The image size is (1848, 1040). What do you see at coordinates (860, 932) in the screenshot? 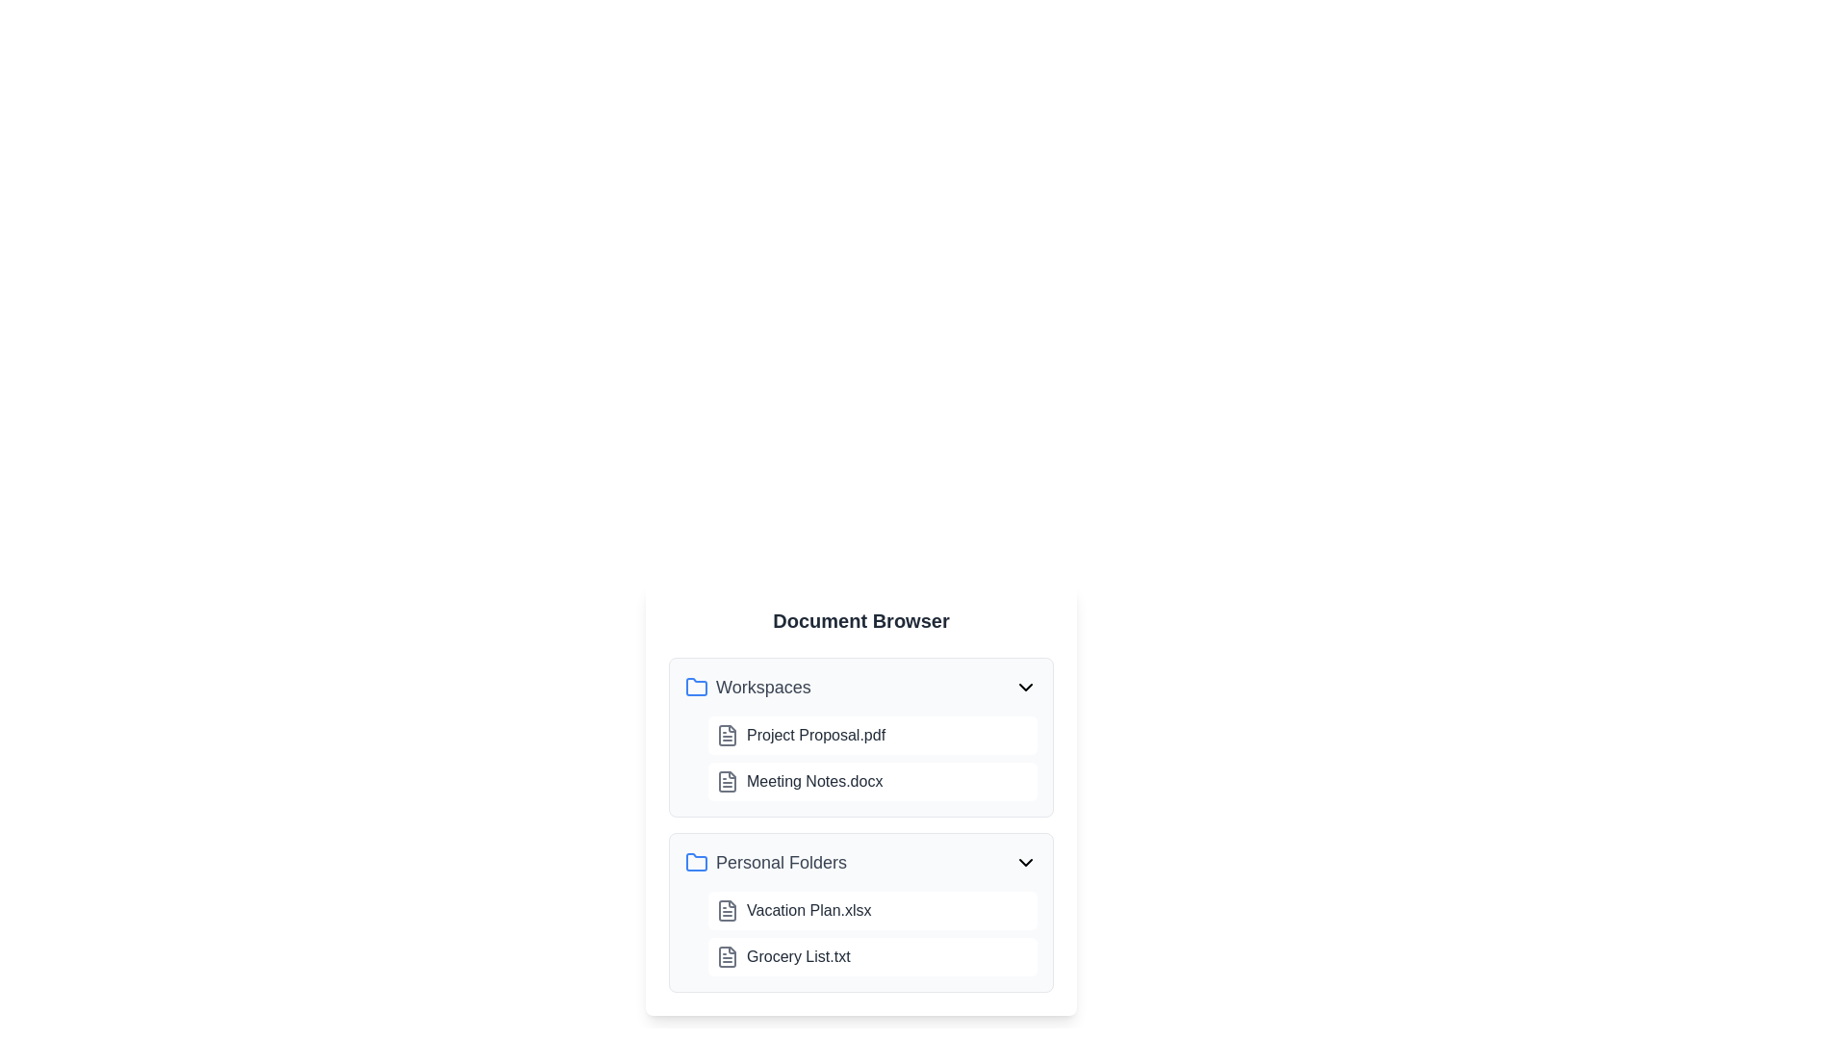
I see `the List of files element that displays 'Vacation Plan.xlsx' and 'Grocery List.txt', located under the 'Personal Folders' section` at bounding box center [860, 932].